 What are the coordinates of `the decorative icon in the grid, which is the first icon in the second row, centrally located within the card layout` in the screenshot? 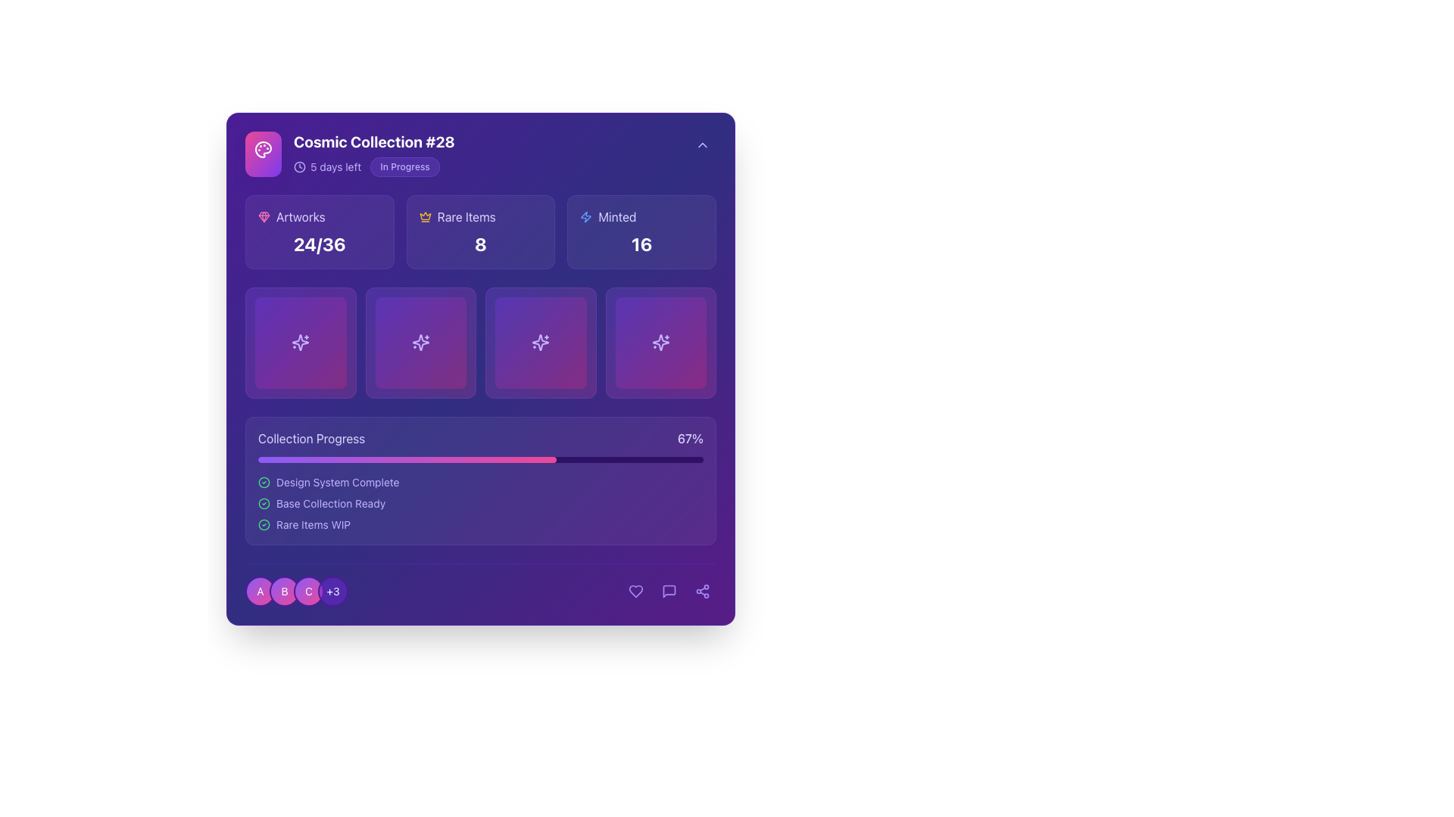 It's located at (660, 343).